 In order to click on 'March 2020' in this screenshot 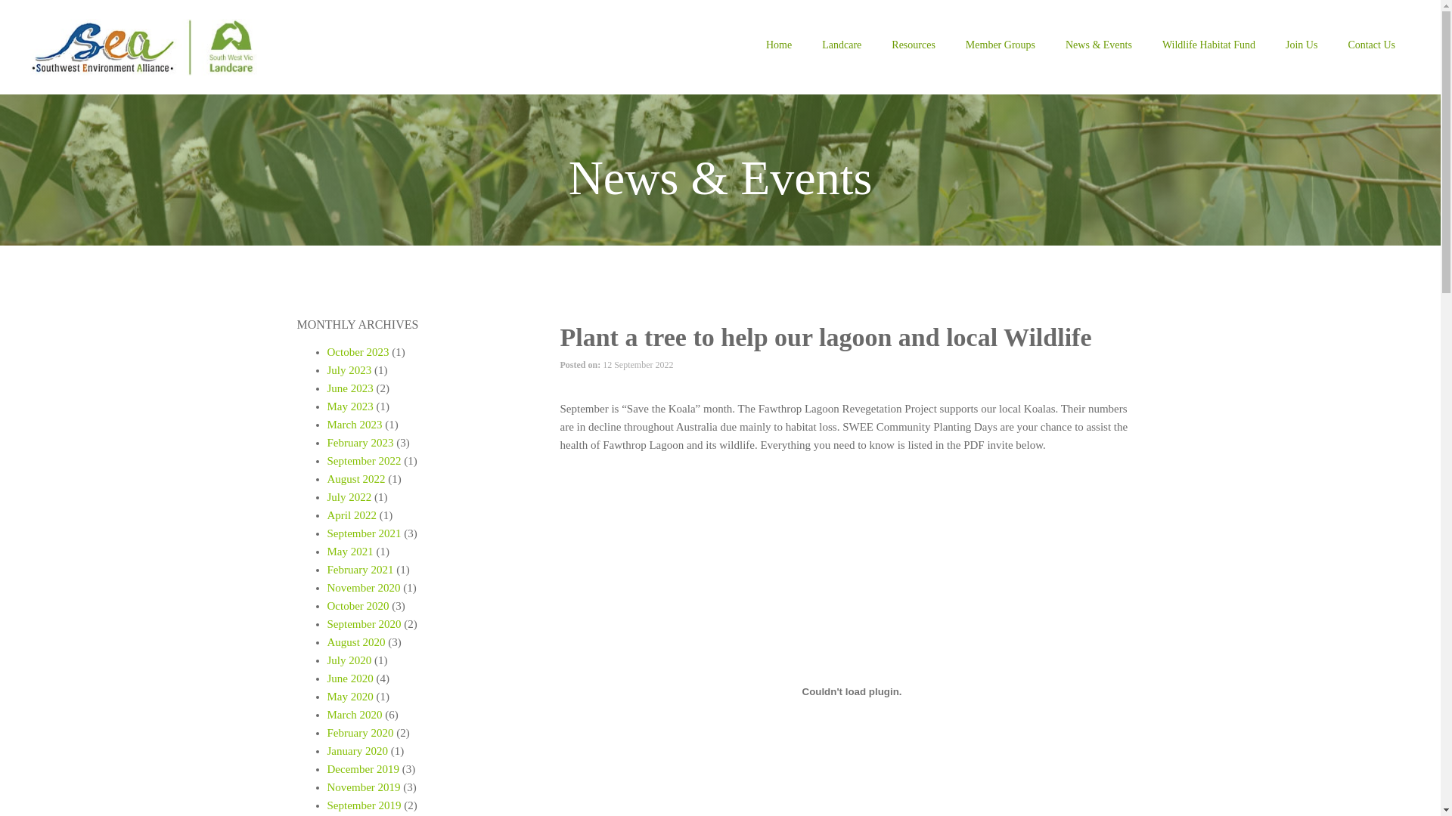, I will do `click(353, 714)`.